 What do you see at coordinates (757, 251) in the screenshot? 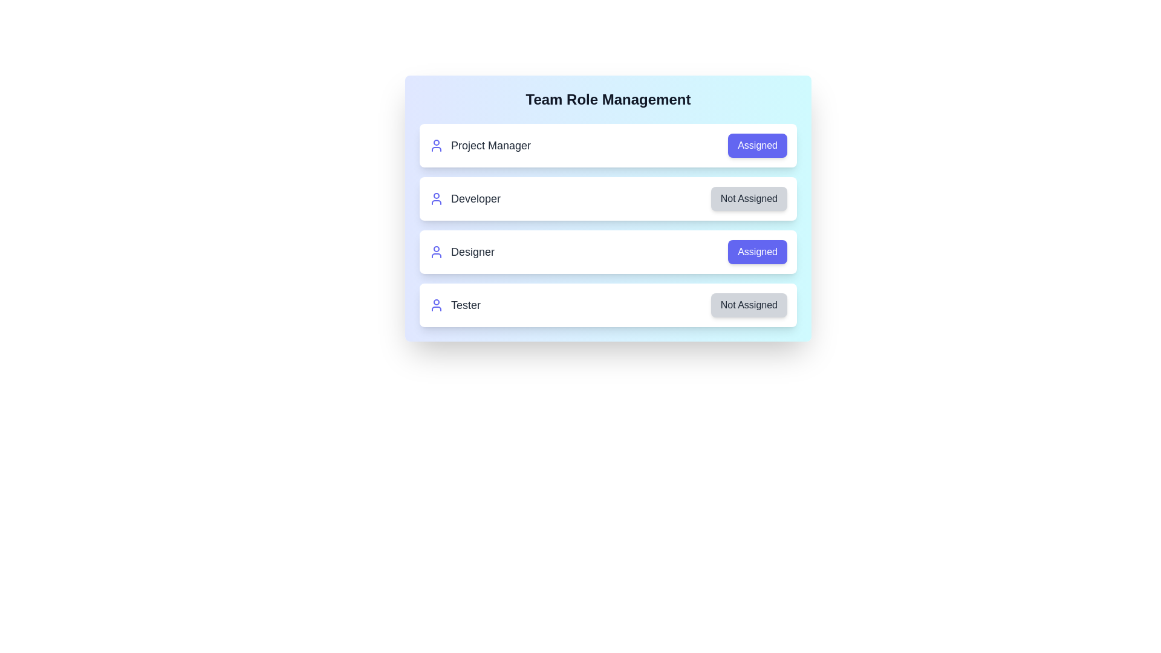
I see `the button to toggle the role assignment status for Designer` at bounding box center [757, 251].